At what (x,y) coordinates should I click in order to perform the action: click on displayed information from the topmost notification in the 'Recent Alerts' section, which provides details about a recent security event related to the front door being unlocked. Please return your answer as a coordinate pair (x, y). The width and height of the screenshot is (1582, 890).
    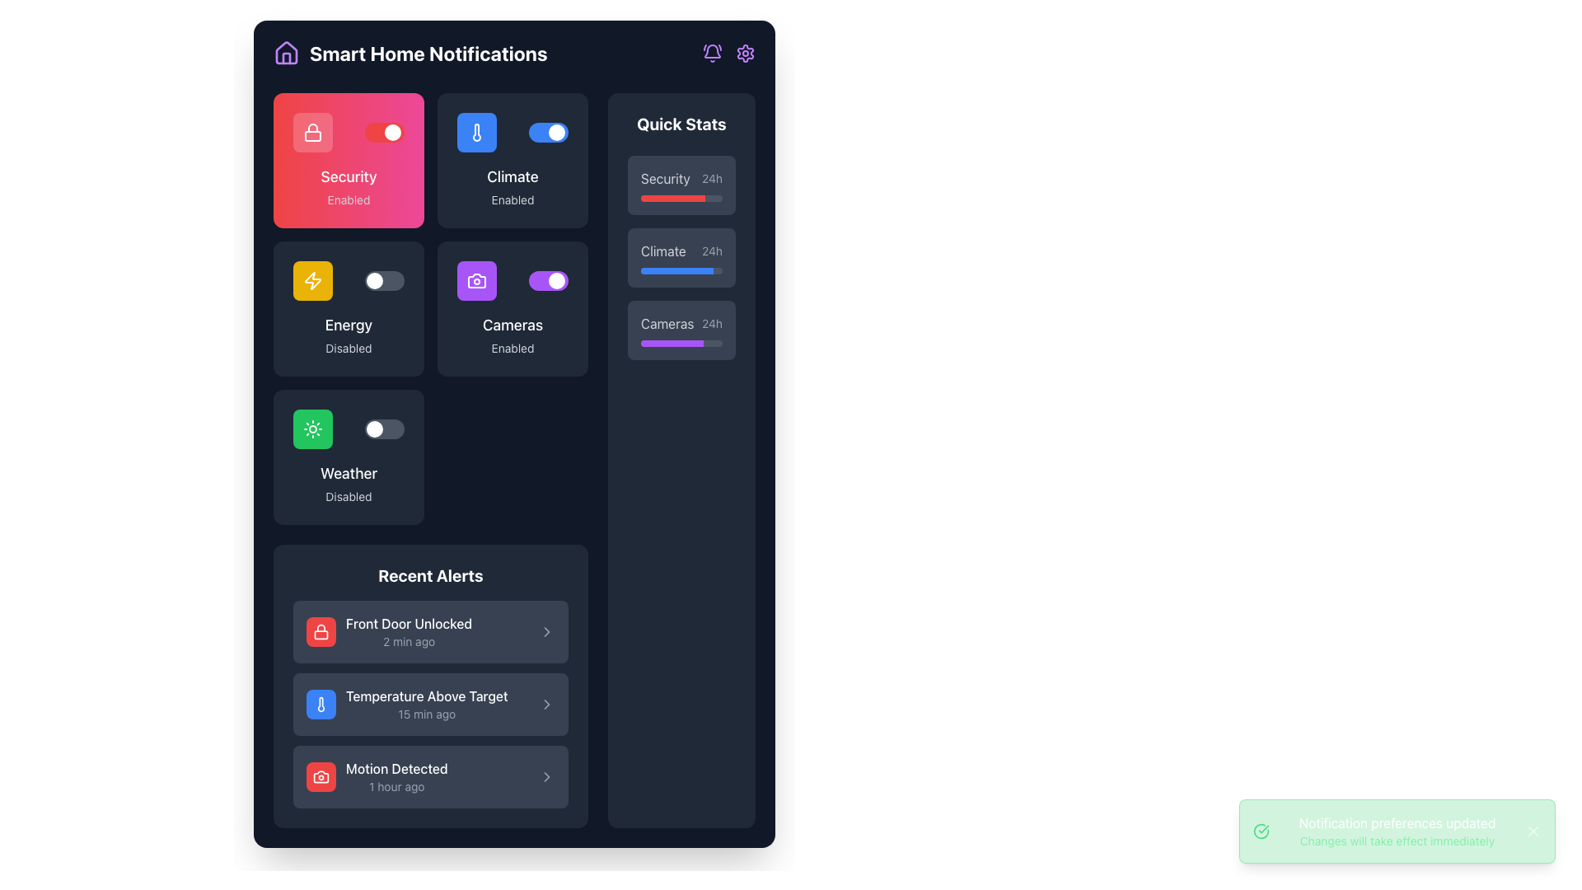
    Looking at the image, I should click on (409, 631).